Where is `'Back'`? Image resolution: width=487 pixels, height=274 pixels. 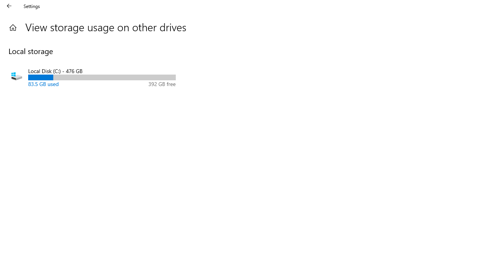 'Back' is located at coordinates (9, 6).